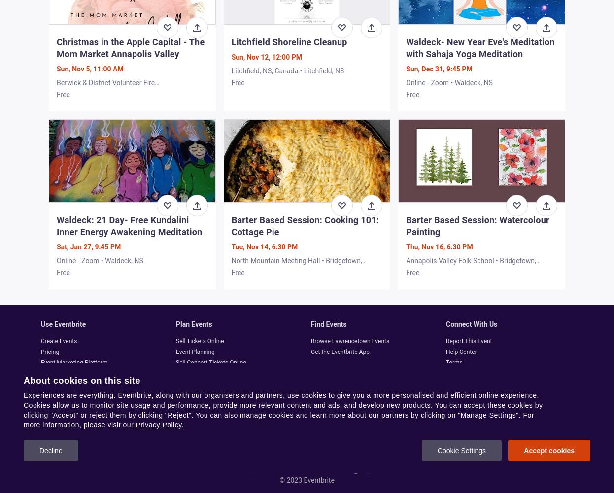 This screenshot has width=614, height=493. I want to click on 'Berwick & District Volunteer Fire Department • Berwick, NS', so click(105, 87).